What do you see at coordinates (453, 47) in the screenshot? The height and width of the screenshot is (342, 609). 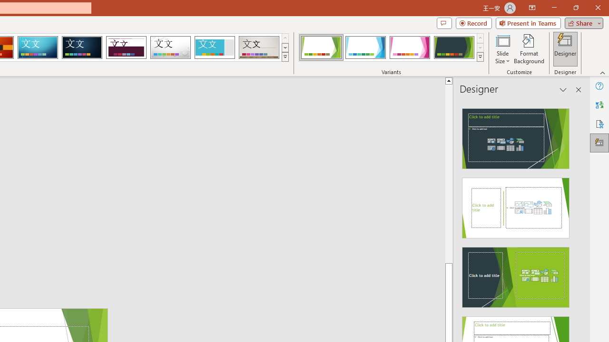 I see `'Facet Variant 4'` at bounding box center [453, 47].